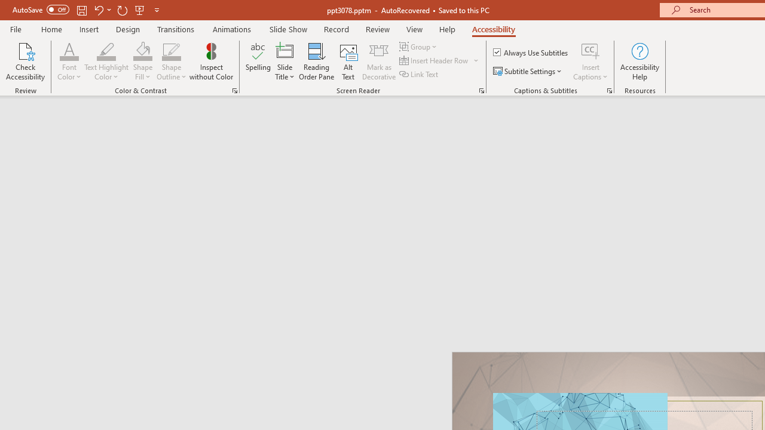 This screenshot has height=430, width=765. I want to click on 'Color & Contrast', so click(234, 90).